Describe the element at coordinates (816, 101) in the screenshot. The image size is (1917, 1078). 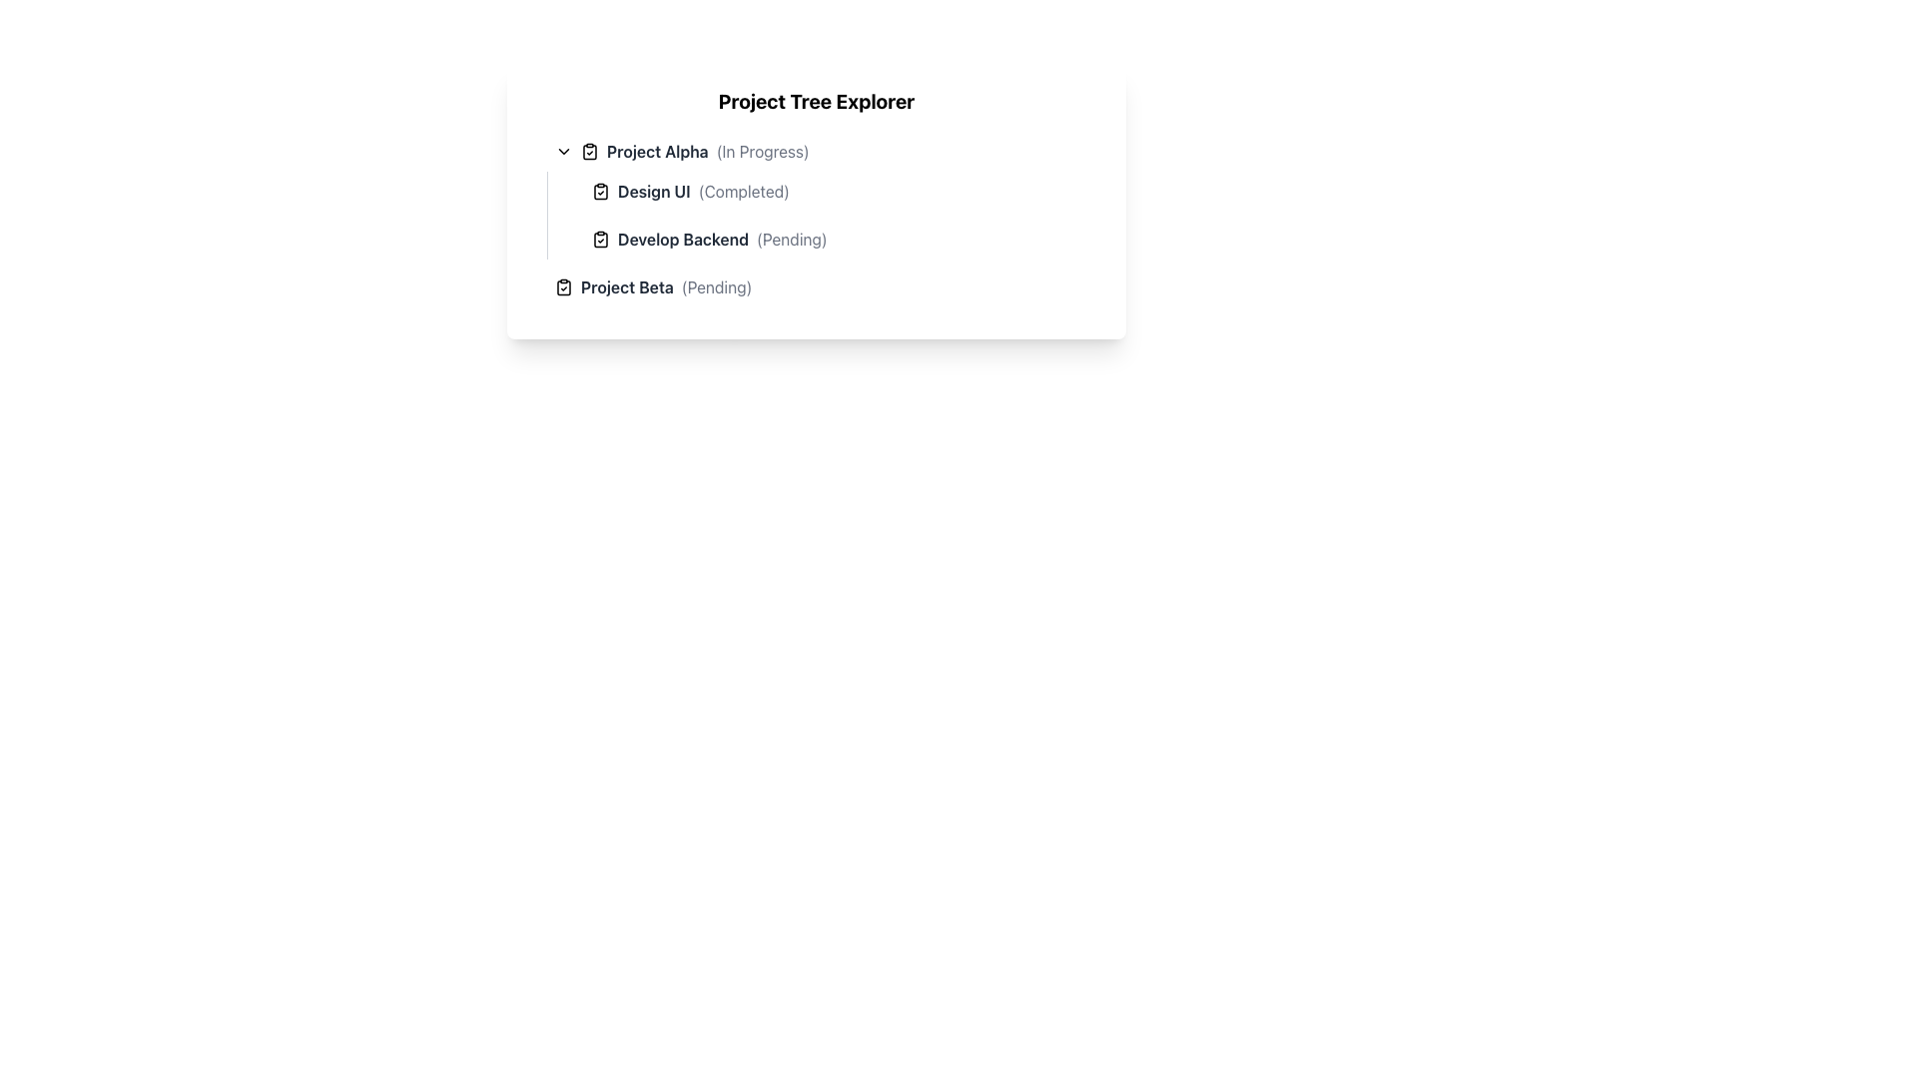
I see `the text label that serves as the title or header for the project hierarchy section, which is located at the top-center of a white, rounded-corner, shadowed box` at that location.